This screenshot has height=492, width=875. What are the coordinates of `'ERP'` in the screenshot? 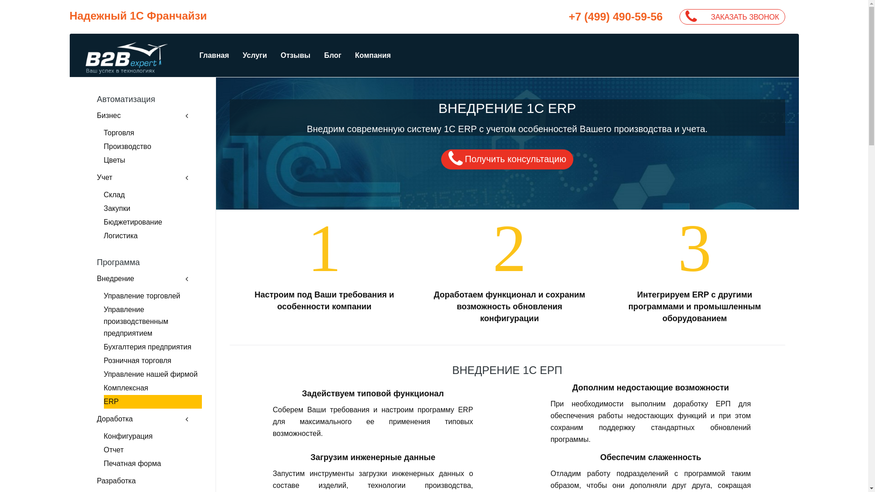 It's located at (103, 401).